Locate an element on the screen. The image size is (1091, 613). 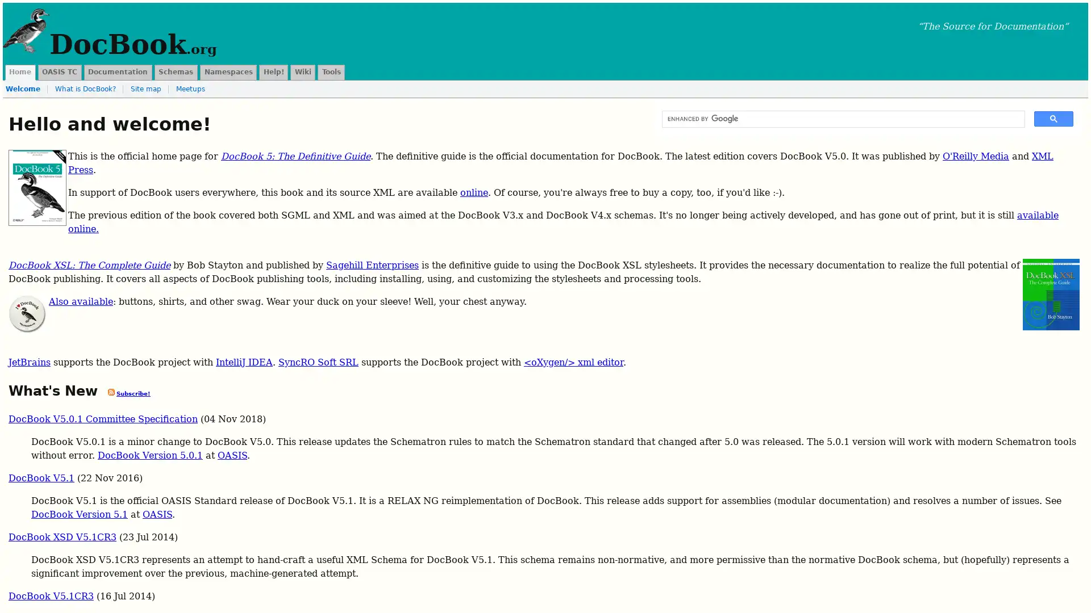
search is located at coordinates (1053, 119).